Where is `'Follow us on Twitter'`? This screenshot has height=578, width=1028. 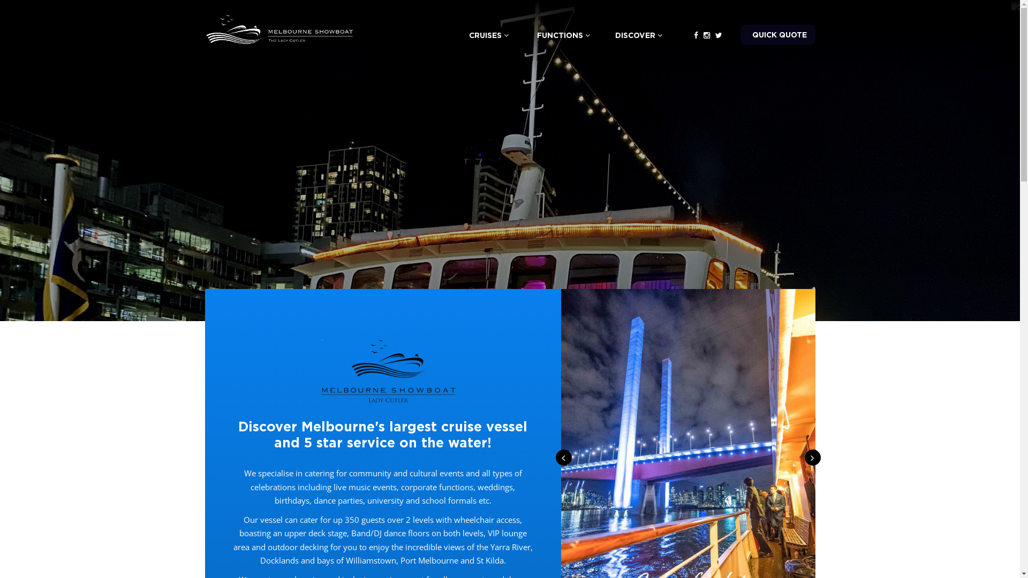
'Follow us on Twitter' is located at coordinates (719, 34).